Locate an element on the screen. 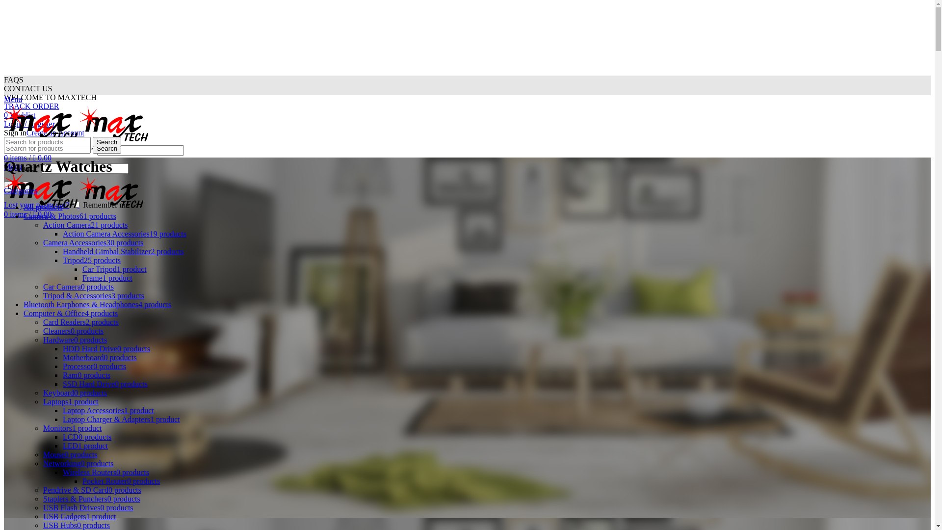  'Search' is located at coordinates (106, 142).